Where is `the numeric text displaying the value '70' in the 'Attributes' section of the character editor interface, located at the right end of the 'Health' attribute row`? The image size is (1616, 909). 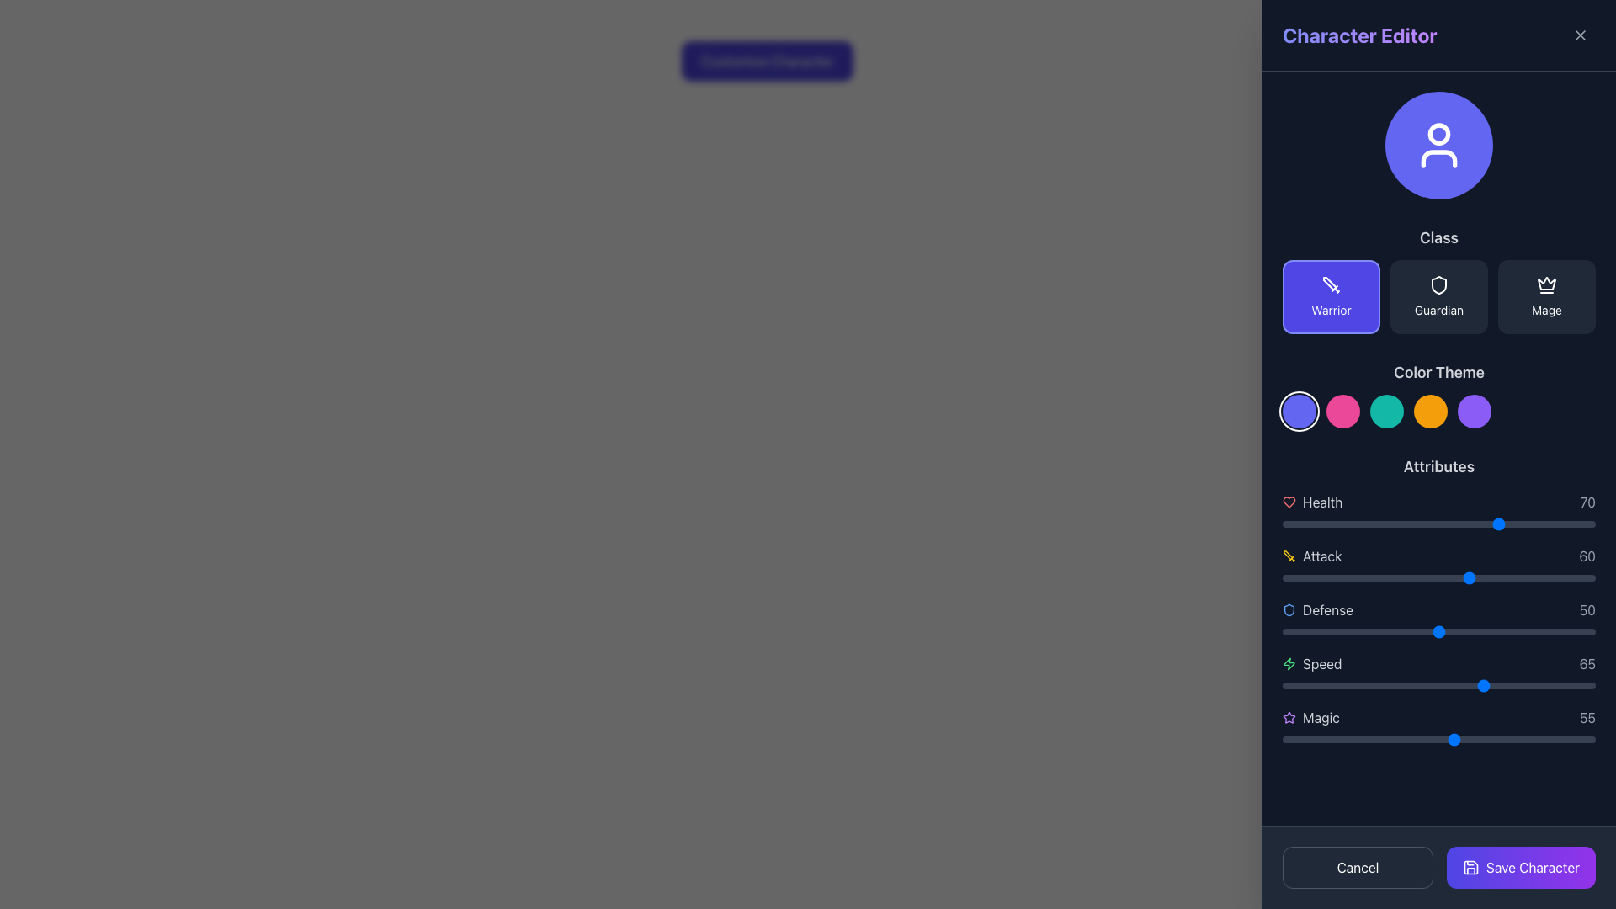
the numeric text displaying the value '70' in the 'Attributes' section of the character editor interface, located at the right end of the 'Health' attribute row is located at coordinates (1587, 502).